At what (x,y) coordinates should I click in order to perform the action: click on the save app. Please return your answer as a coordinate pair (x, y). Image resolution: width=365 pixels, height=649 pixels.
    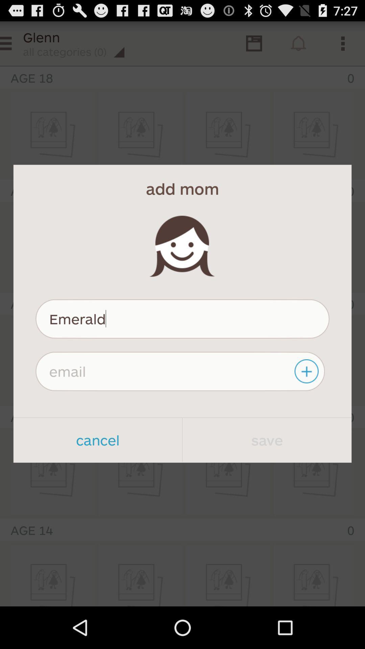
    Looking at the image, I should click on (267, 440).